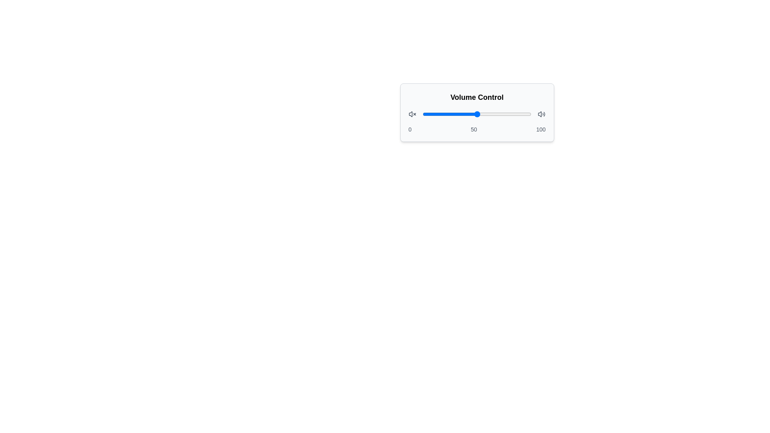 The width and height of the screenshot is (770, 433). I want to click on the slider to set the volume to 86, so click(516, 114).